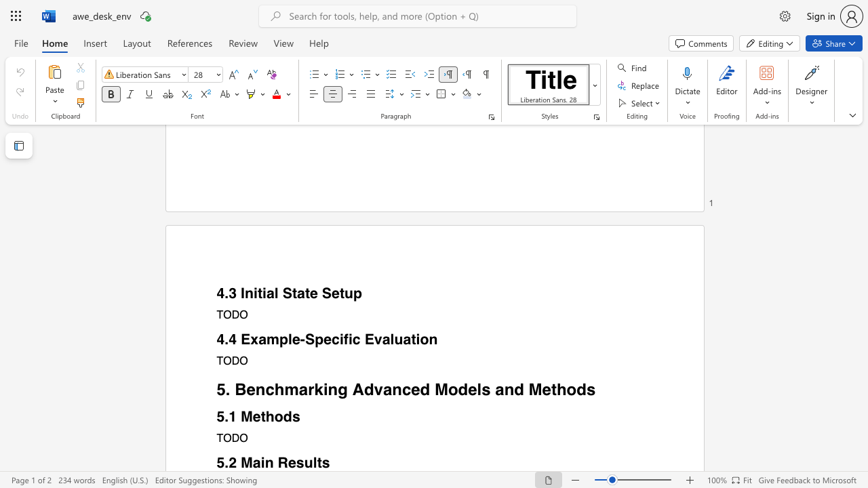  Describe the element at coordinates (295, 462) in the screenshot. I see `the subset text "sul" within the text "5.2 Main Results"` at that location.